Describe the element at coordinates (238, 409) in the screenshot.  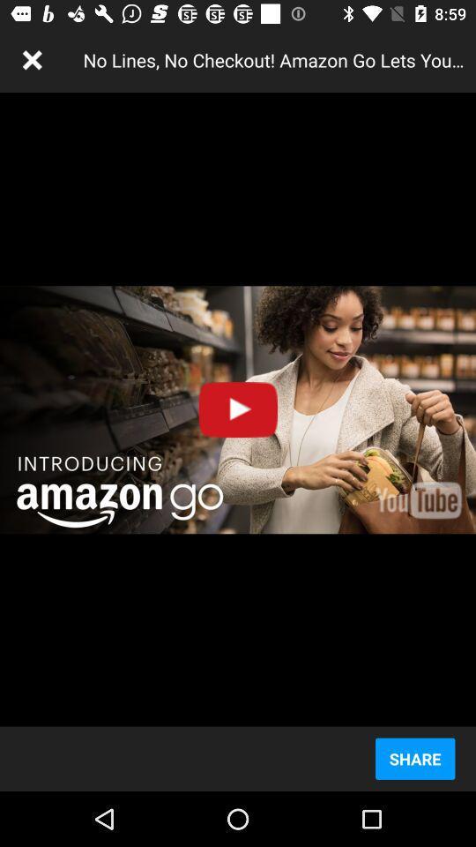
I see `item at the center` at that location.